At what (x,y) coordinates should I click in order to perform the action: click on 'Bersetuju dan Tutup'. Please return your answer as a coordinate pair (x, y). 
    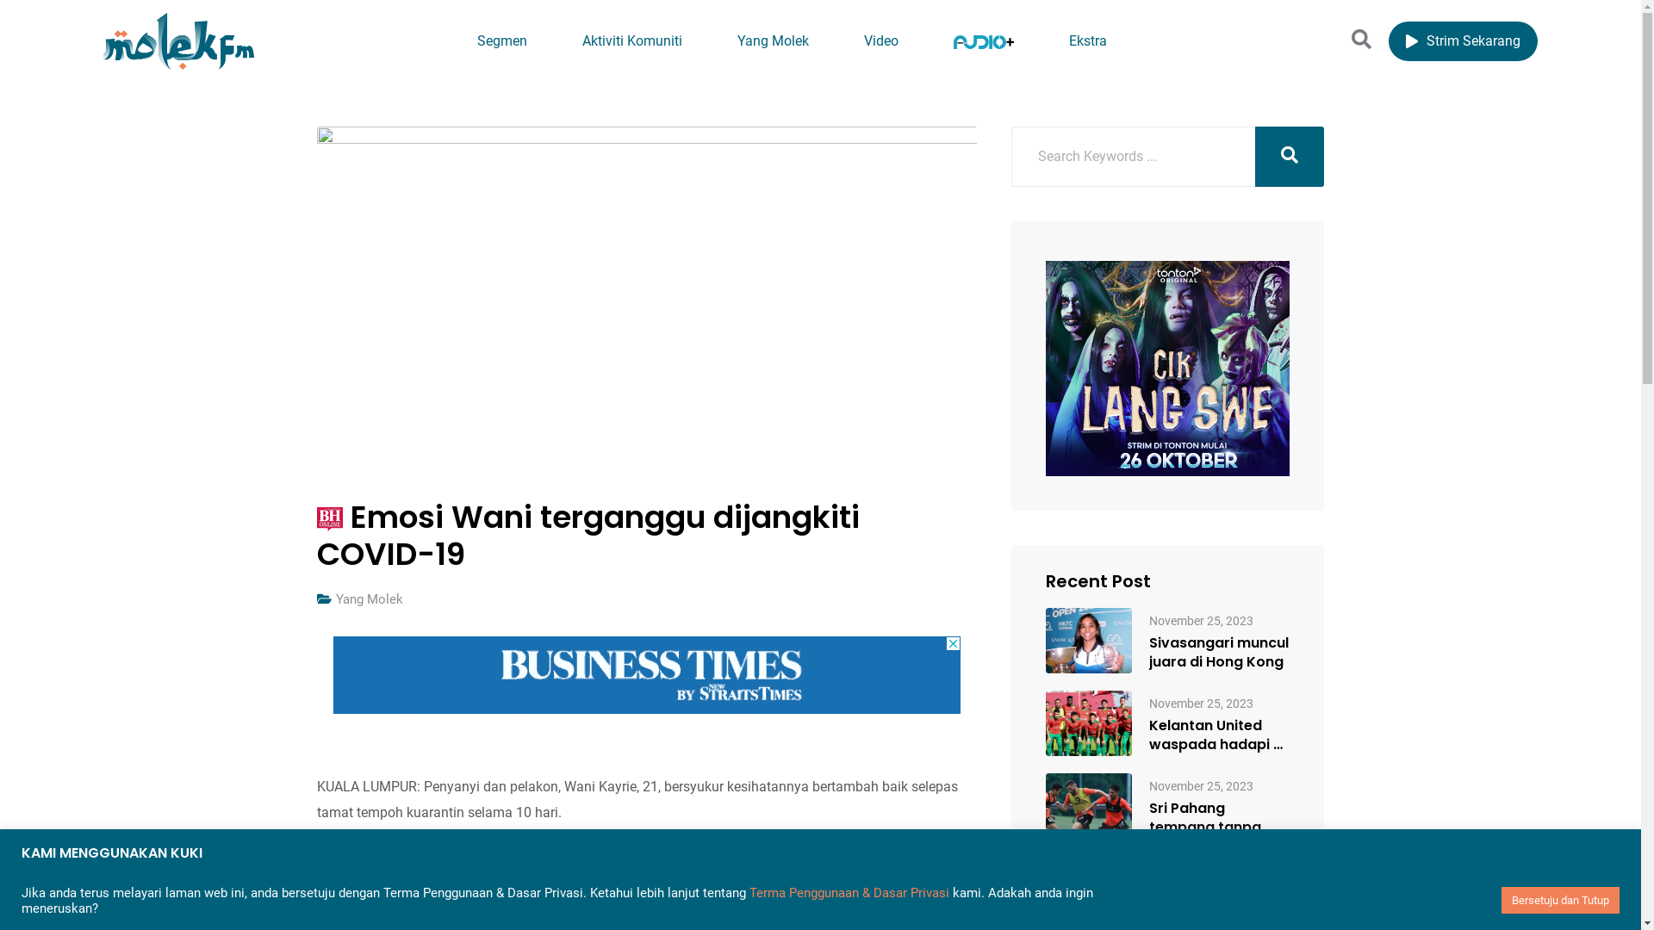
    Looking at the image, I should click on (1560, 899).